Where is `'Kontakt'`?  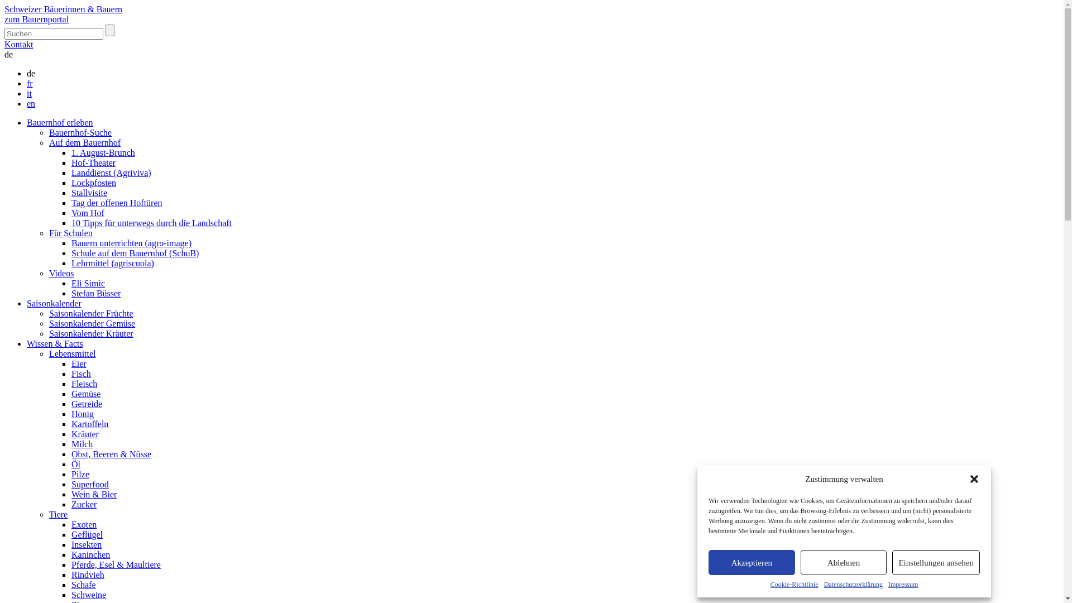 'Kontakt' is located at coordinates (18, 44).